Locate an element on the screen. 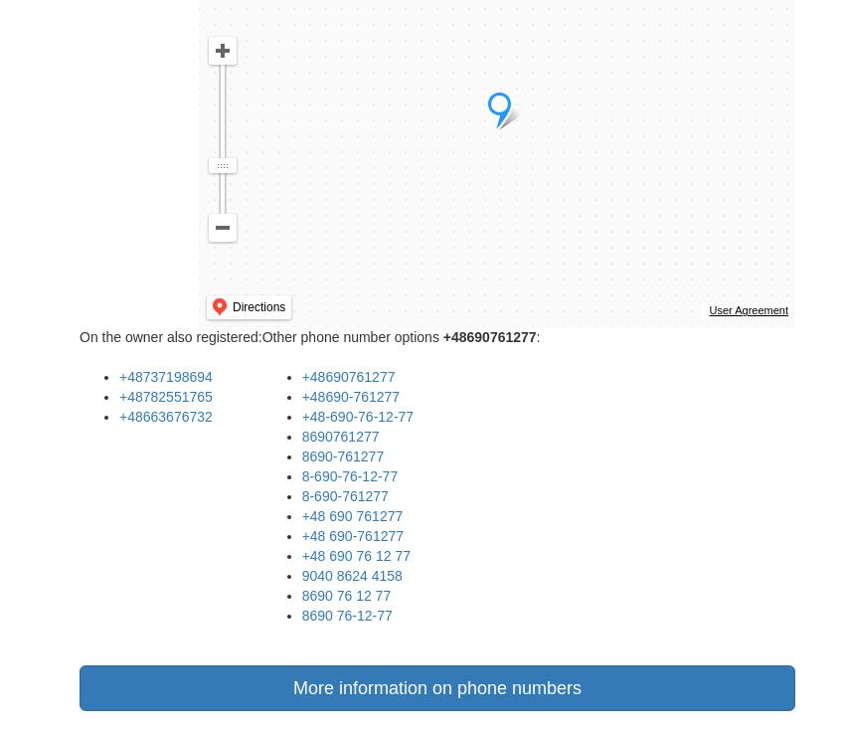 The height and width of the screenshot is (729, 845). 'More information on phone numbers' is located at coordinates (291, 688).